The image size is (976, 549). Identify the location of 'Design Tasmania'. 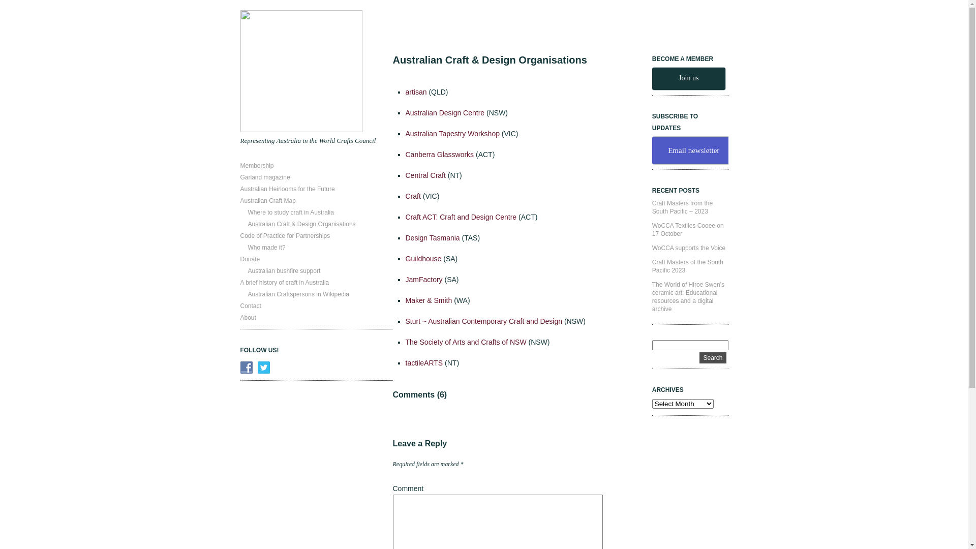
(433, 237).